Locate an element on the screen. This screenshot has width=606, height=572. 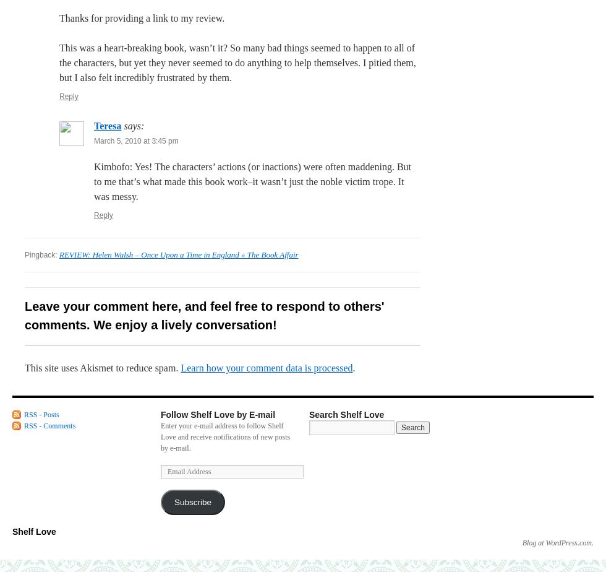
'Teresa' is located at coordinates (108, 126).